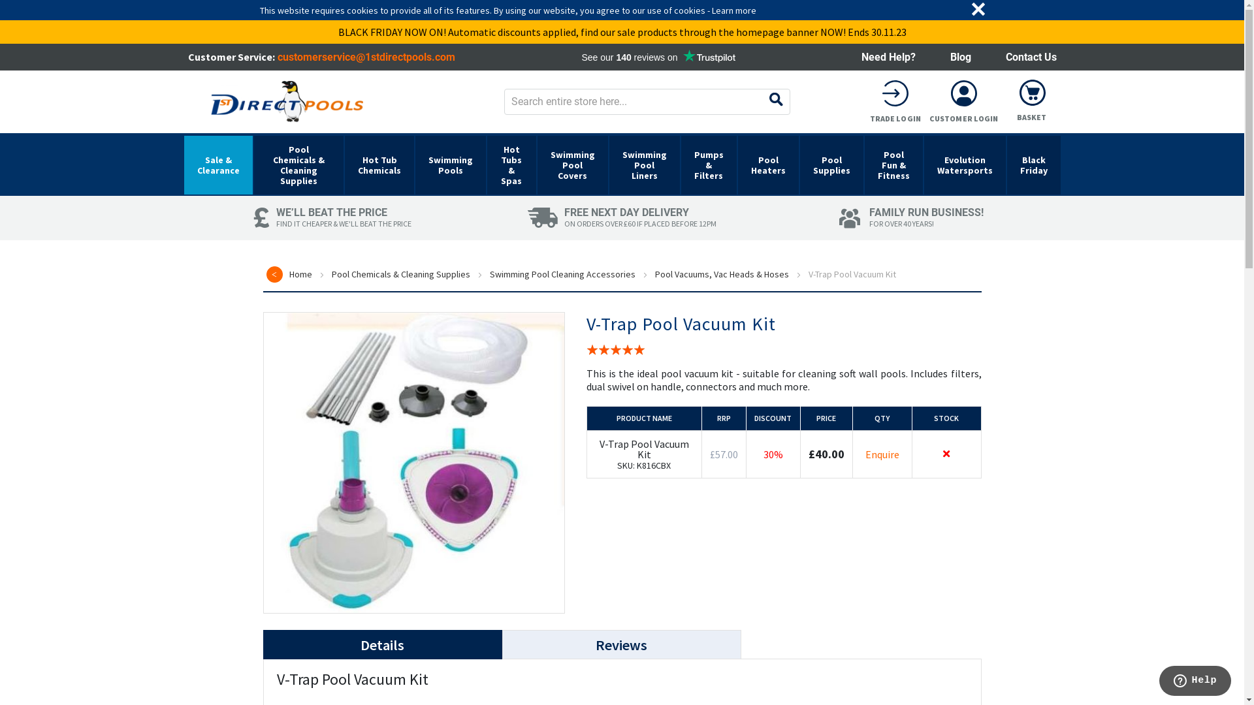  I want to click on 'Pumps & Filters', so click(708, 164).